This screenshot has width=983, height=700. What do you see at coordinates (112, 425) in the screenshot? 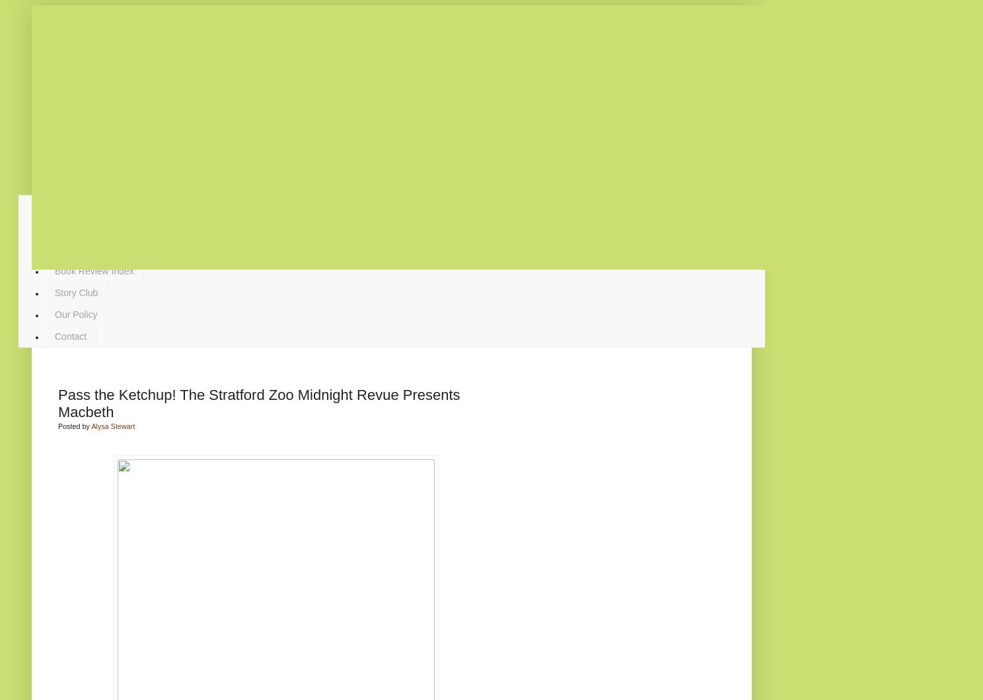
I see `'Alysa Stewart'` at bounding box center [112, 425].